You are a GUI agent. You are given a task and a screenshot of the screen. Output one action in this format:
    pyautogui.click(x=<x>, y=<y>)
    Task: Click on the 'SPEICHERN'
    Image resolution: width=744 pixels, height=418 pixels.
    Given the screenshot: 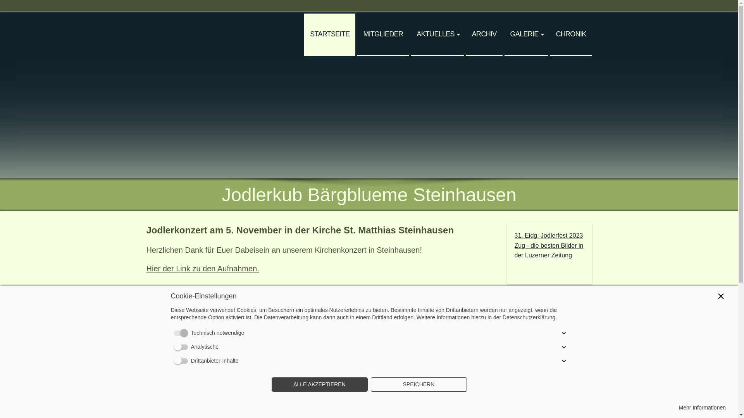 What is the action you would take?
    pyautogui.click(x=370, y=385)
    